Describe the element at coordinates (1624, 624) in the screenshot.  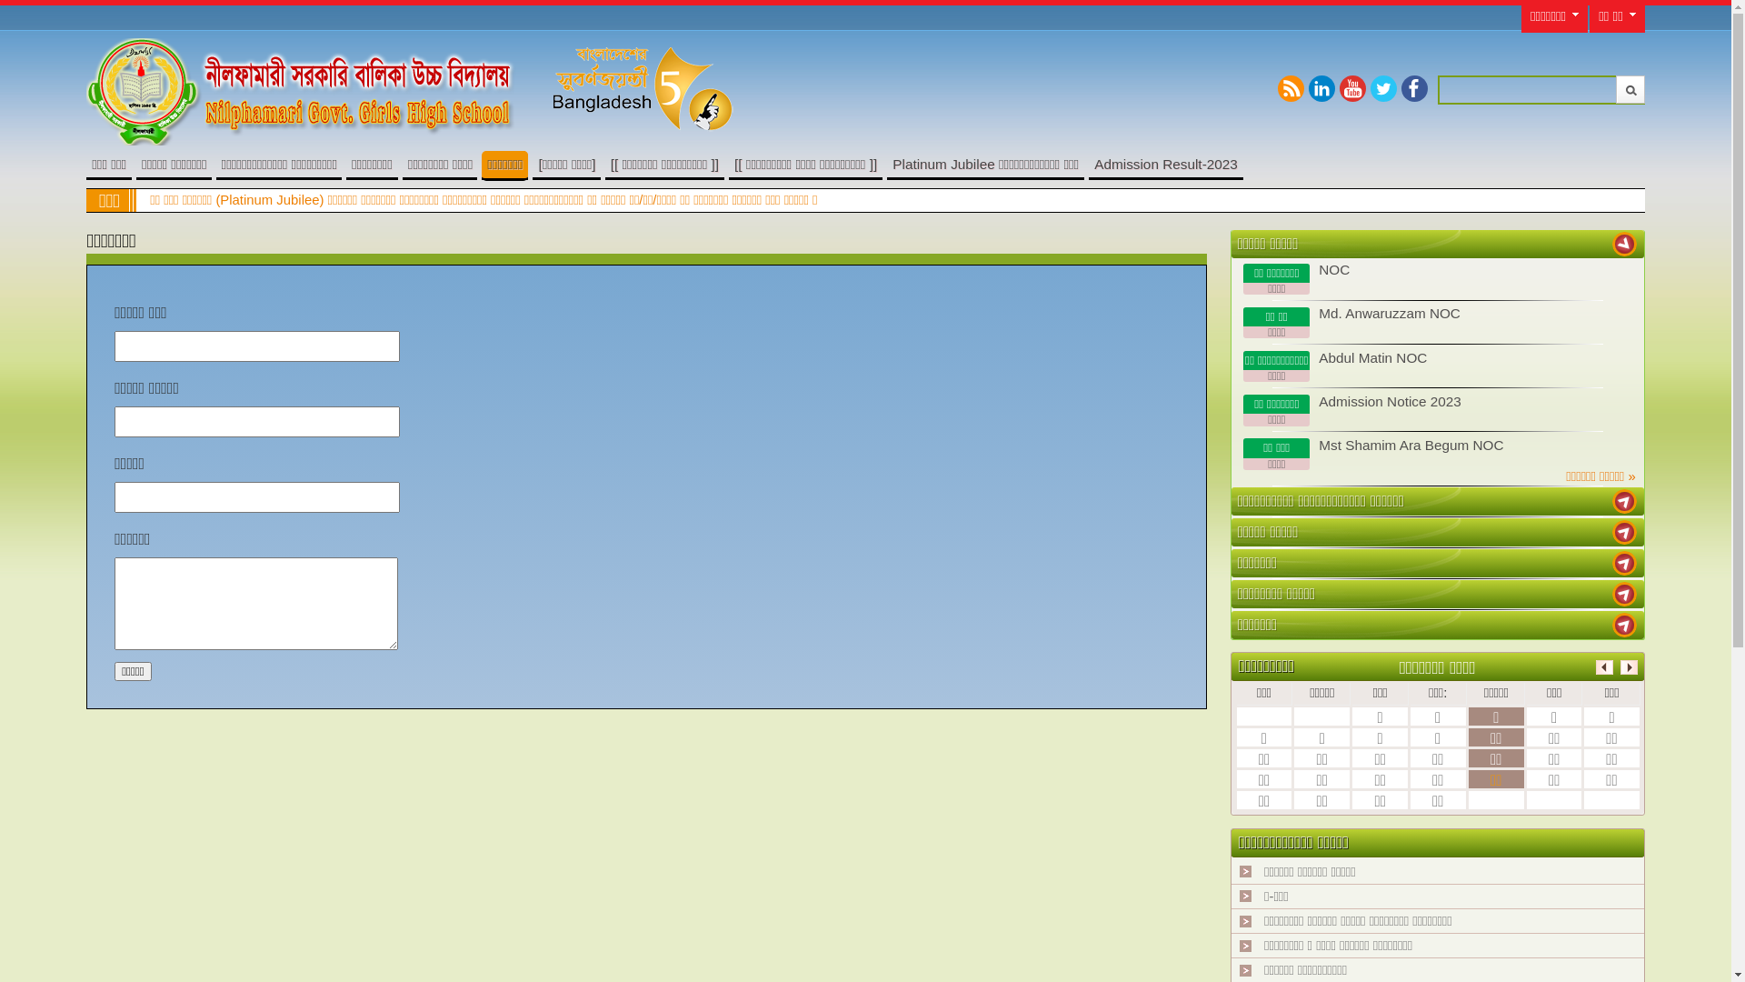
I see `' '` at that location.